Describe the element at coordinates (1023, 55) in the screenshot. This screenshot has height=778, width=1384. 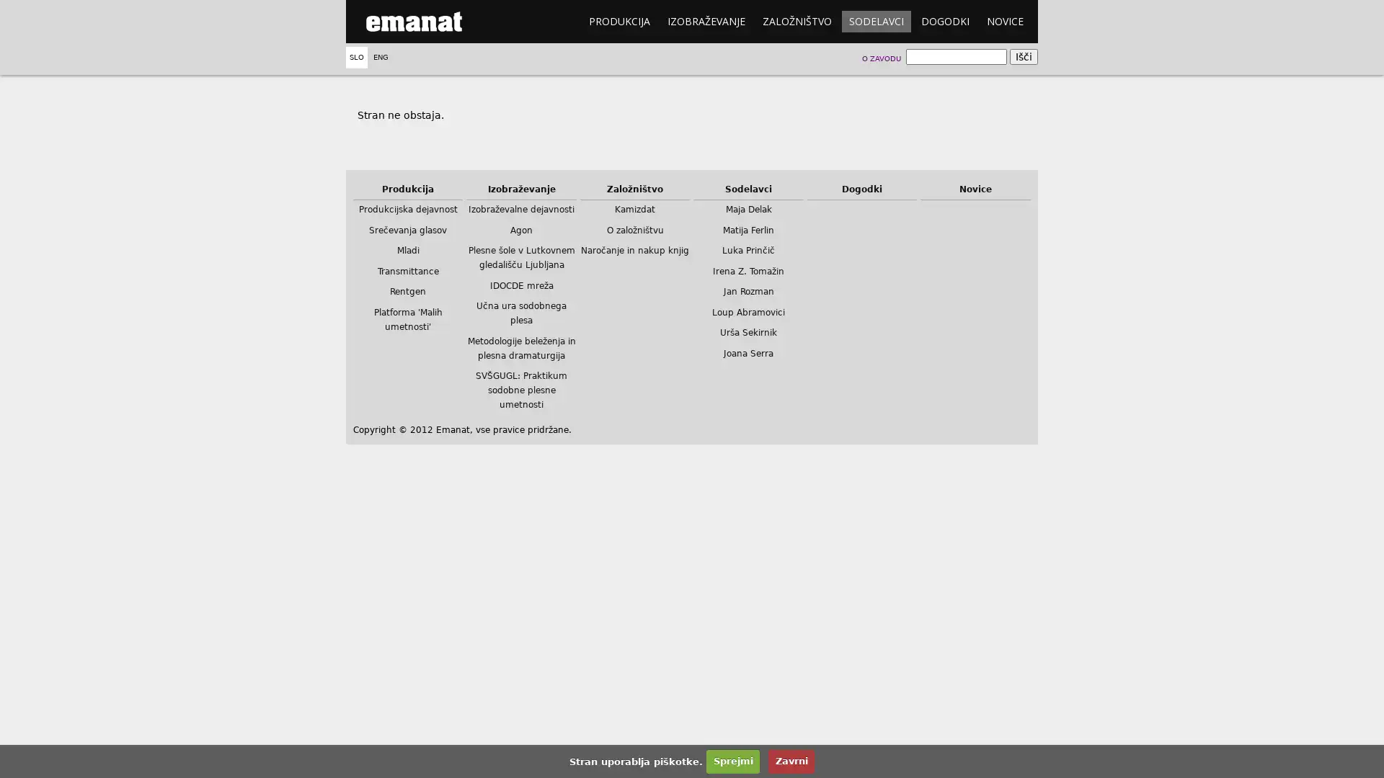
I see `Isci` at that location.